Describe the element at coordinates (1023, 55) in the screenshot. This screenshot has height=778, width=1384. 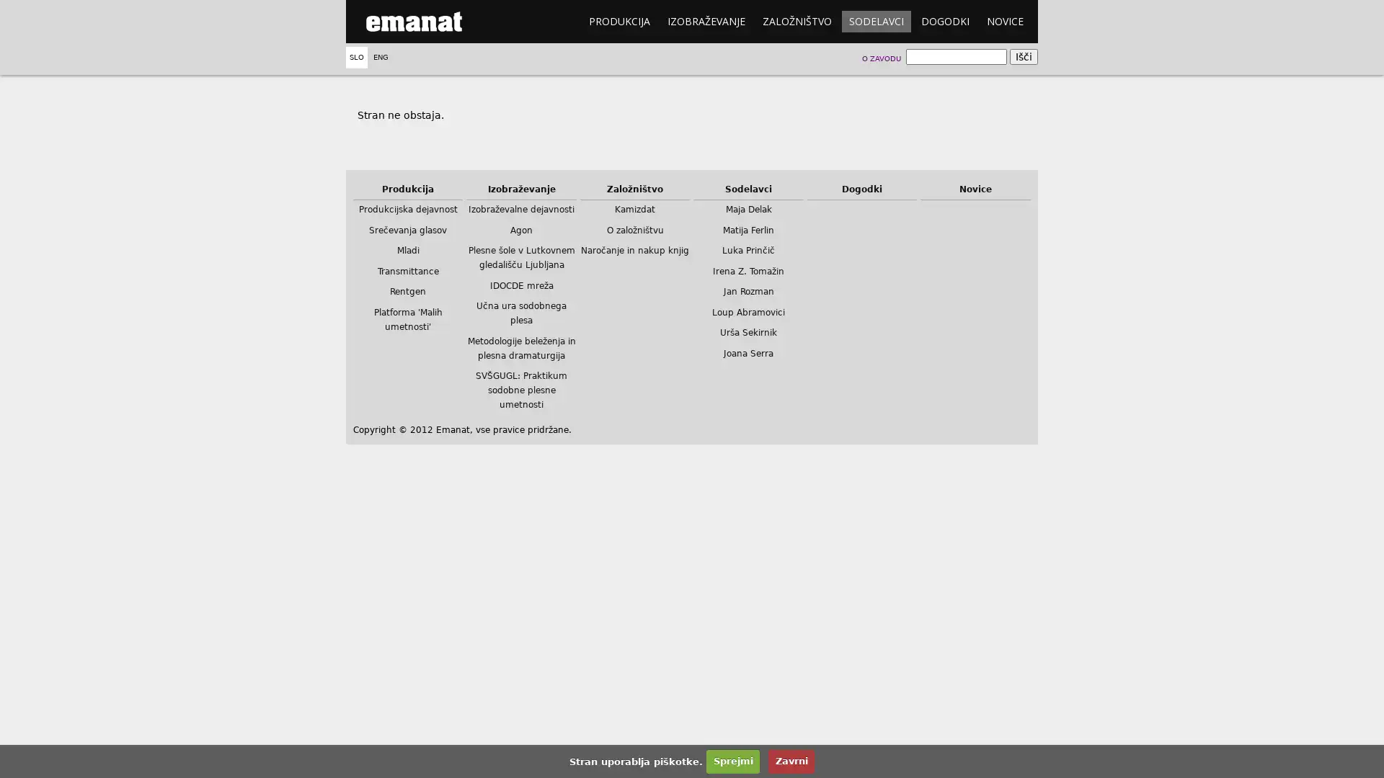
I see `Isci` at that location.